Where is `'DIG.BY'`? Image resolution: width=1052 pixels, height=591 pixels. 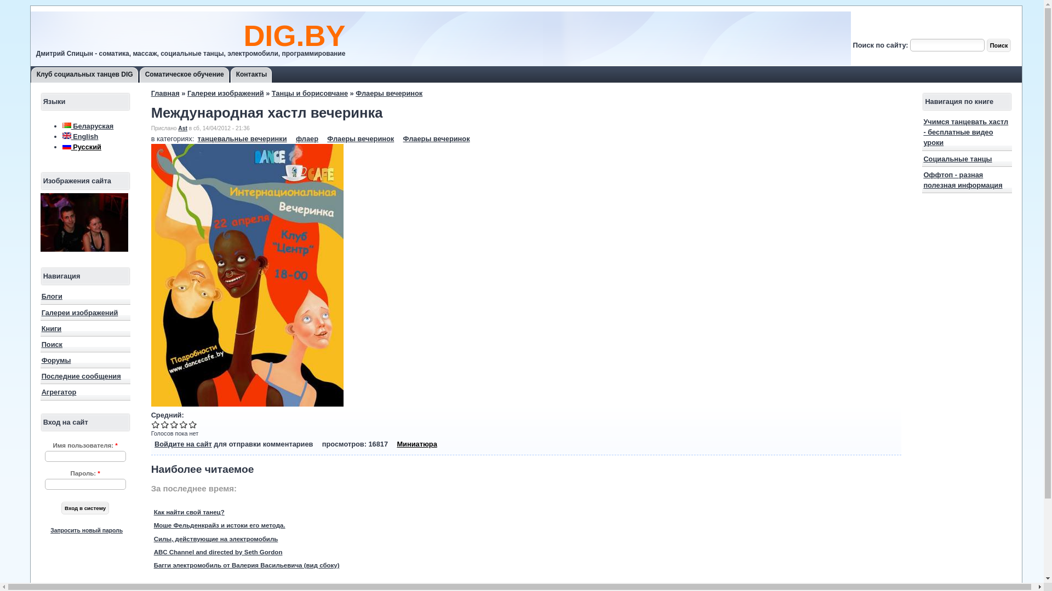 'DIG.BY' is located at coordinates (294, 35).